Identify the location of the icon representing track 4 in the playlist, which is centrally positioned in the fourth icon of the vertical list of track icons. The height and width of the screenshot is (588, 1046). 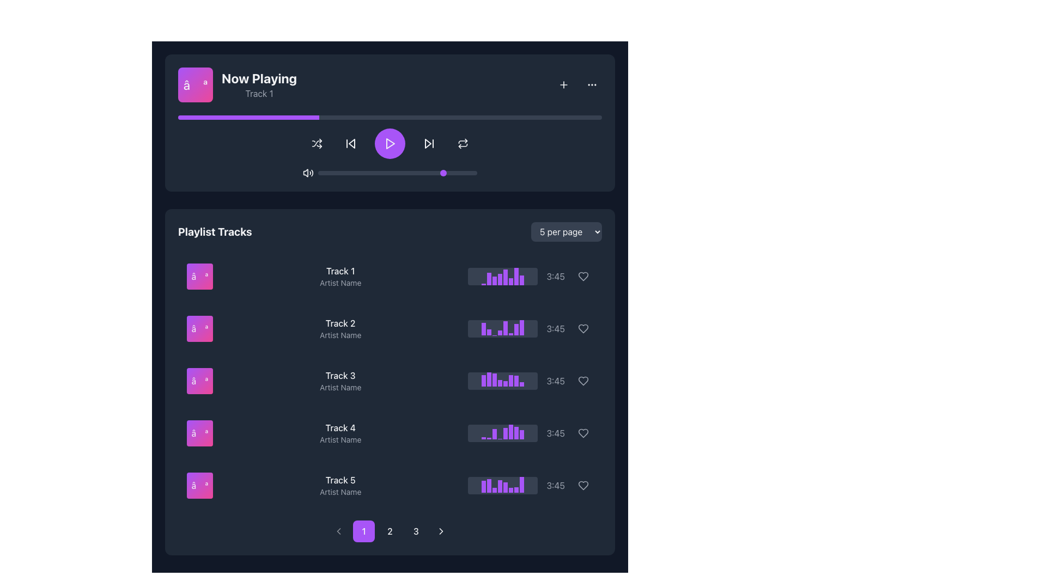
(199, 432).